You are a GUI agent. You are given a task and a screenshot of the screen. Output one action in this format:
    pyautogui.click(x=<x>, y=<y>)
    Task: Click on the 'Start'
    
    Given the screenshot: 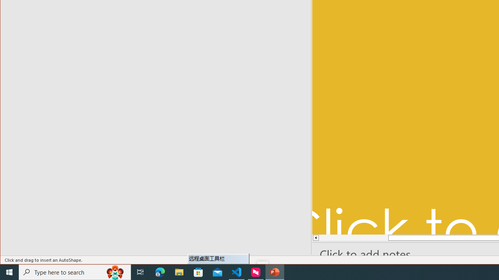 What is the action you would take?
    pyautogui.click(x=9, y=271)
    